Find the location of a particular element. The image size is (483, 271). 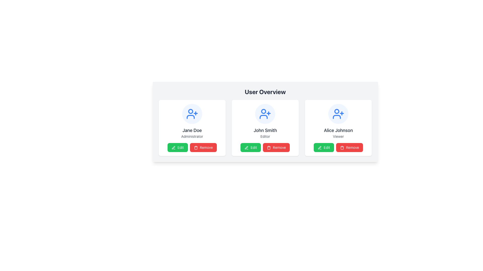

the small blue circular shape that is the central circle in the 'Add User' icon on the user card labeled 'Alice Johnson' is located at coordinates (337, 111).